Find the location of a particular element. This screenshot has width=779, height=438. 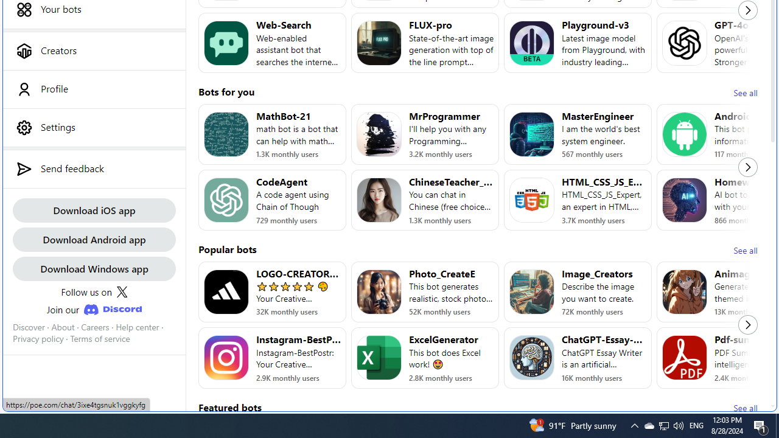

'Join our' is located at coordinates (93, 309).